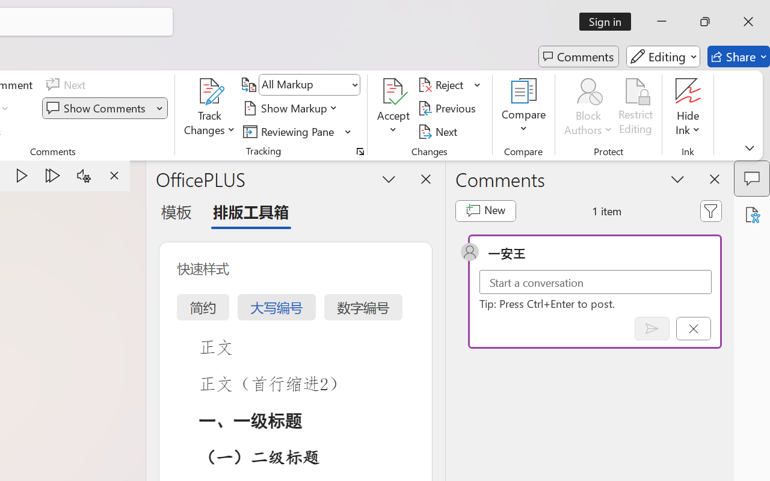  What do you see at coordinates (105, 108) in the screenshot?
I see `'Show Comments'` at bounding box center [105, 108].